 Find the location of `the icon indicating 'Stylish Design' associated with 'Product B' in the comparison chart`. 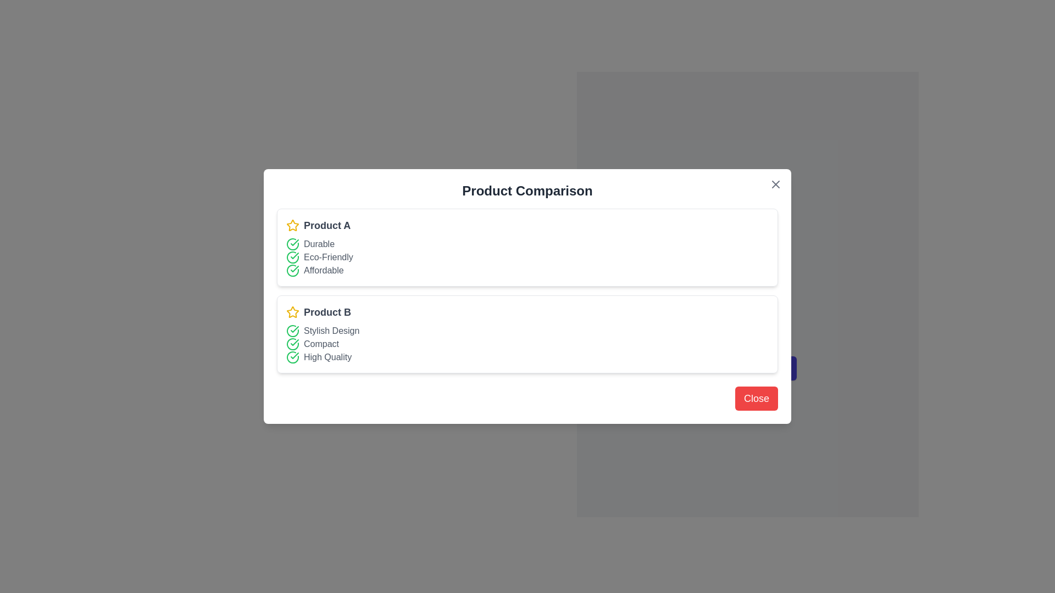

the icon indicating 'Stylish Design' associated with 'Product B' in the comparison chart is located at coordinates (292, 330).